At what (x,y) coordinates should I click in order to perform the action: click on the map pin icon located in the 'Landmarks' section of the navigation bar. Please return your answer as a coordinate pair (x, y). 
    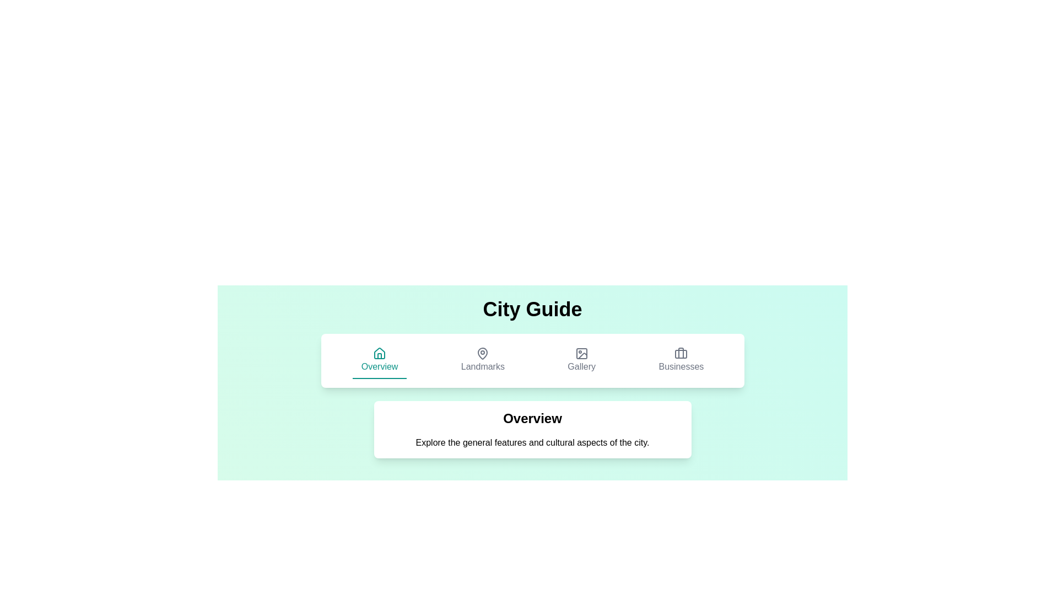
    Looking at the image, I should click on (483, 353).